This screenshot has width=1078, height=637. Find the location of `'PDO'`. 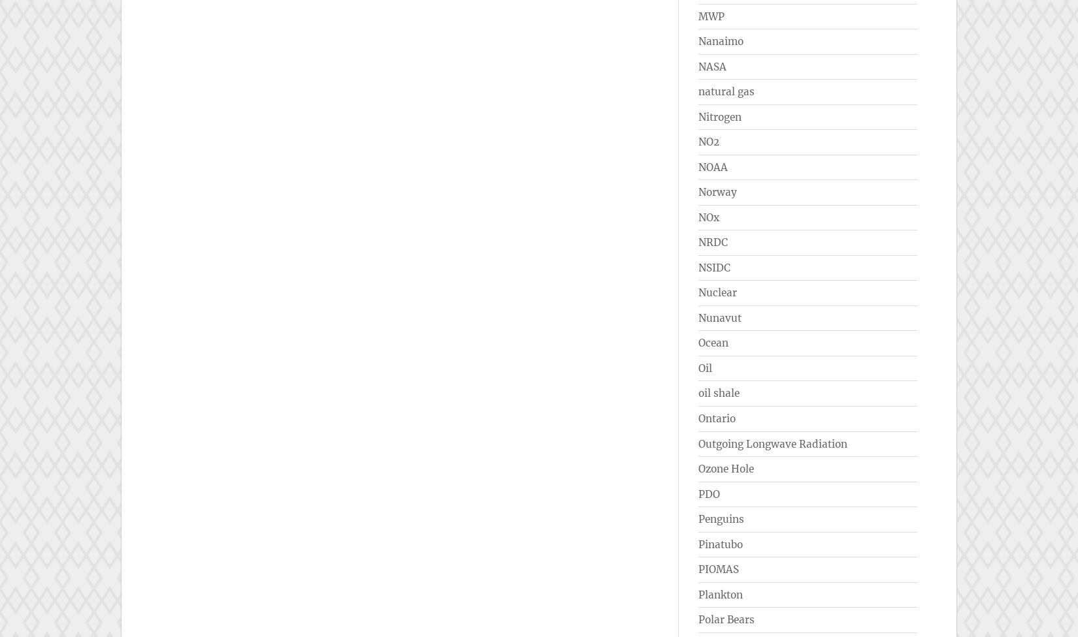

'PDO' is located at coordinates (698, 493).